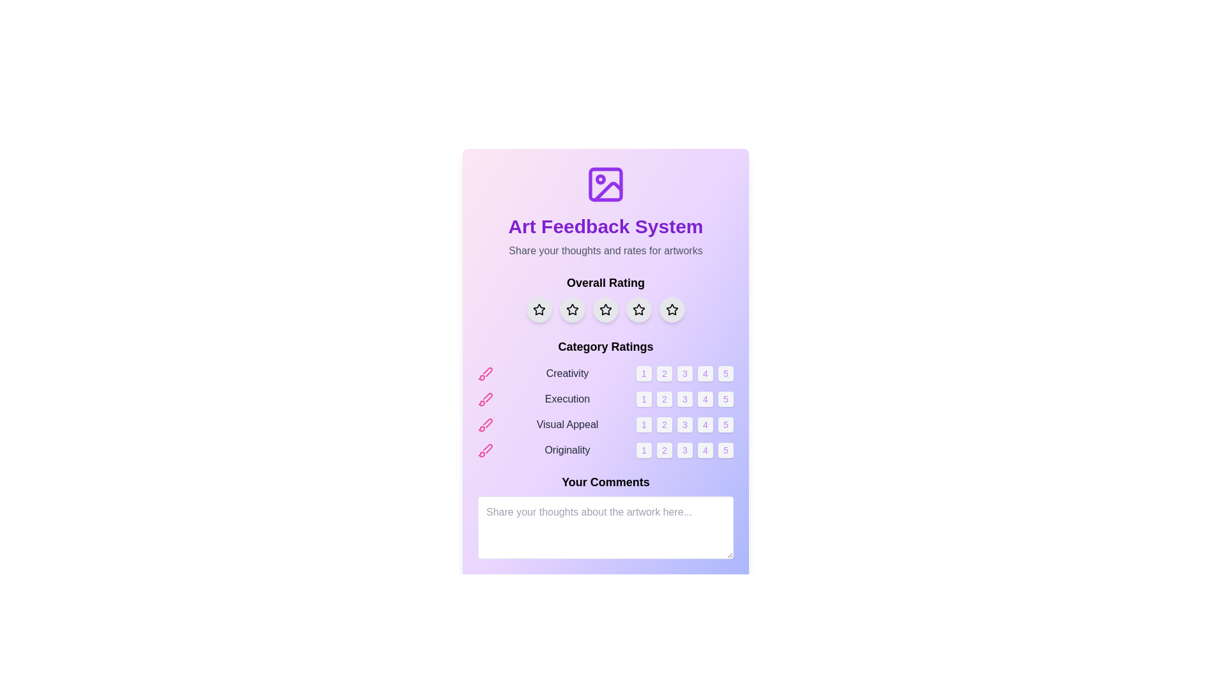  What do you see at coordinates (567, 374) in the screenshot?
I see `the 'Creativity' text label in the 'Category Ratings' section, which is located to the right of a brush icon and to the left of five numeric buttons (1-5)` at bounding box center [567, 374].